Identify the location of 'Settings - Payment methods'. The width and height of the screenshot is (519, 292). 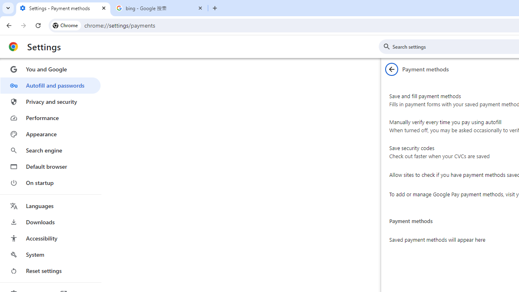
(63, 8).